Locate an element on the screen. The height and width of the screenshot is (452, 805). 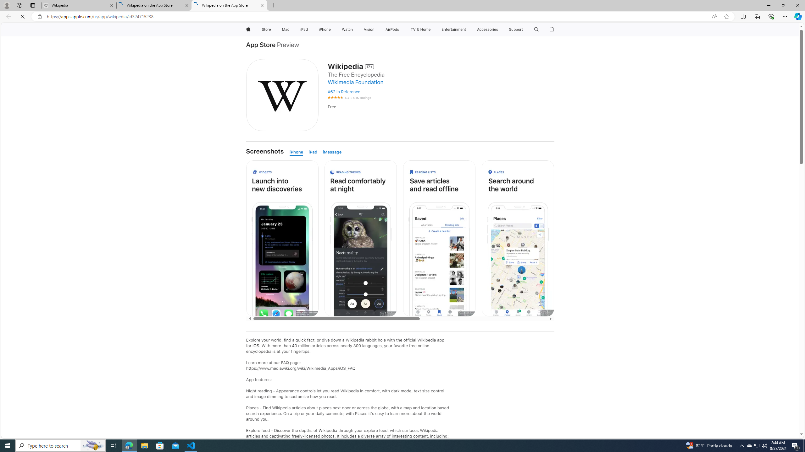
'Mac' is located at coordinates (285, 29).